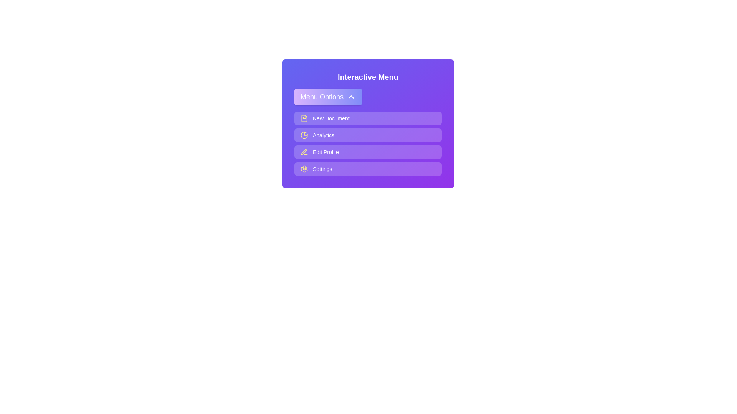  I want to click on the pen icon located in the 'Edit Profile' section of the menu options, which serves as a visual cue for editing, so click(304, 152).